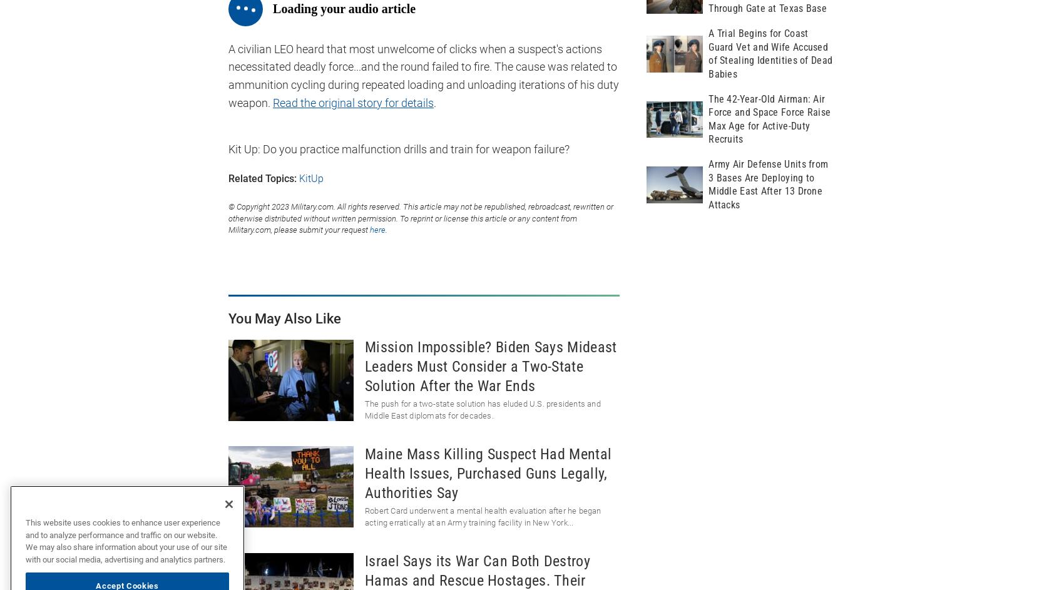  What do you see at coordinates (262, 177) in the screenshot?
I see `'Related Topics:'` at bounding box center [262, 177].